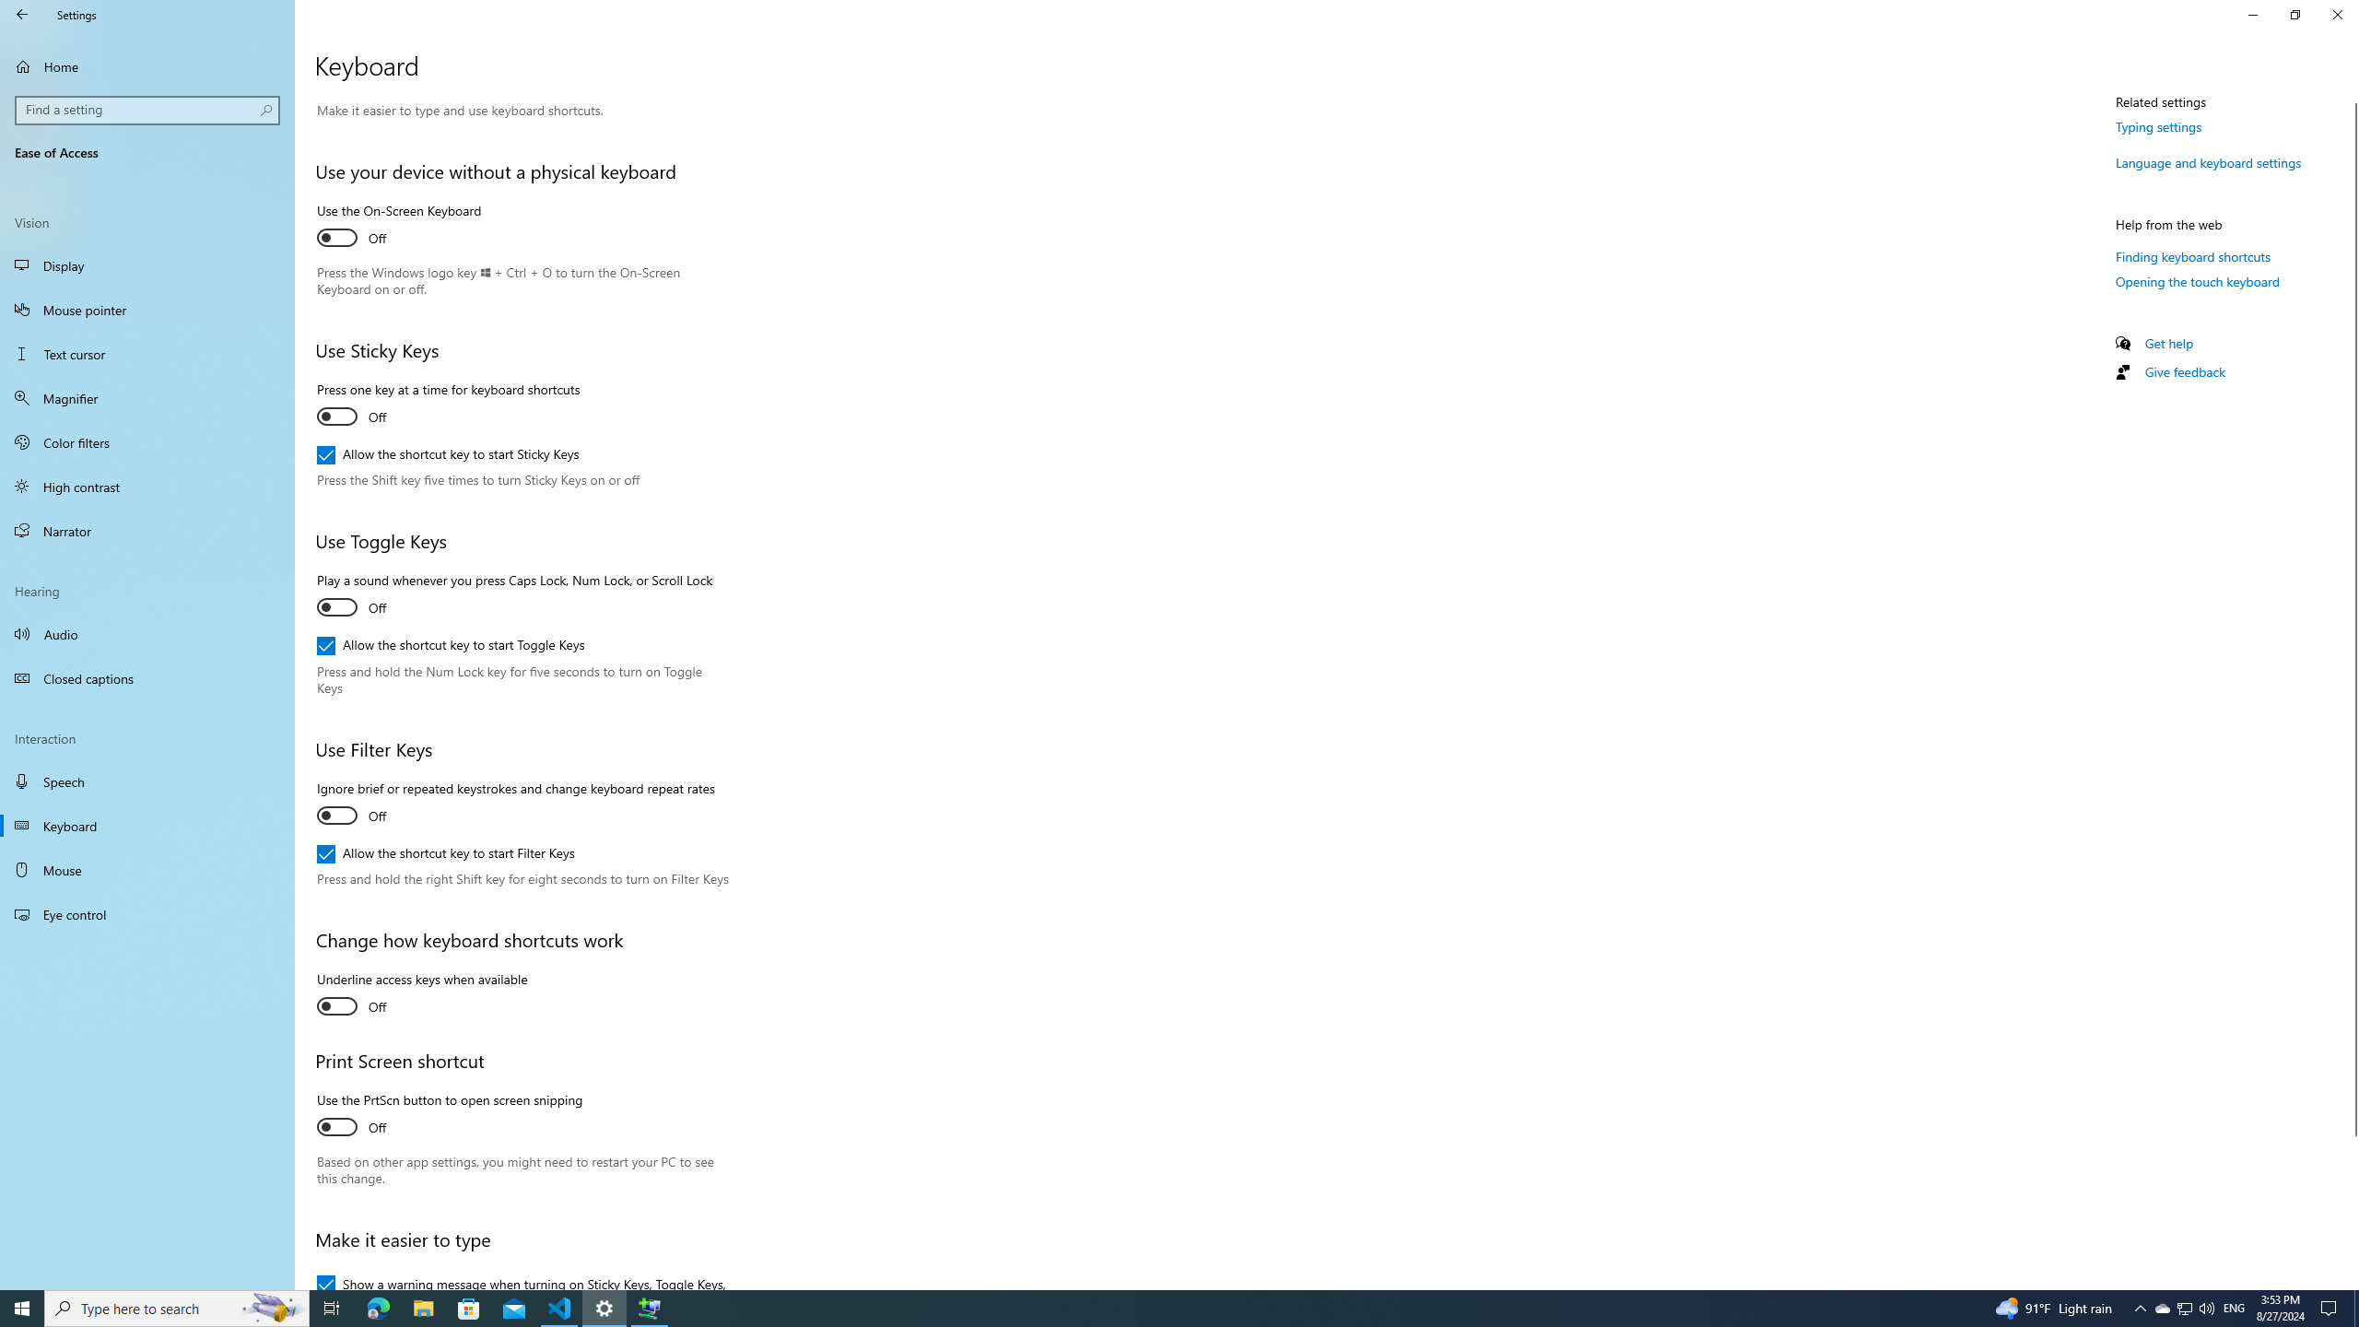  Describe the element at coordinates (147, 632) in the screenshot. I see `'Audio'` at that location.